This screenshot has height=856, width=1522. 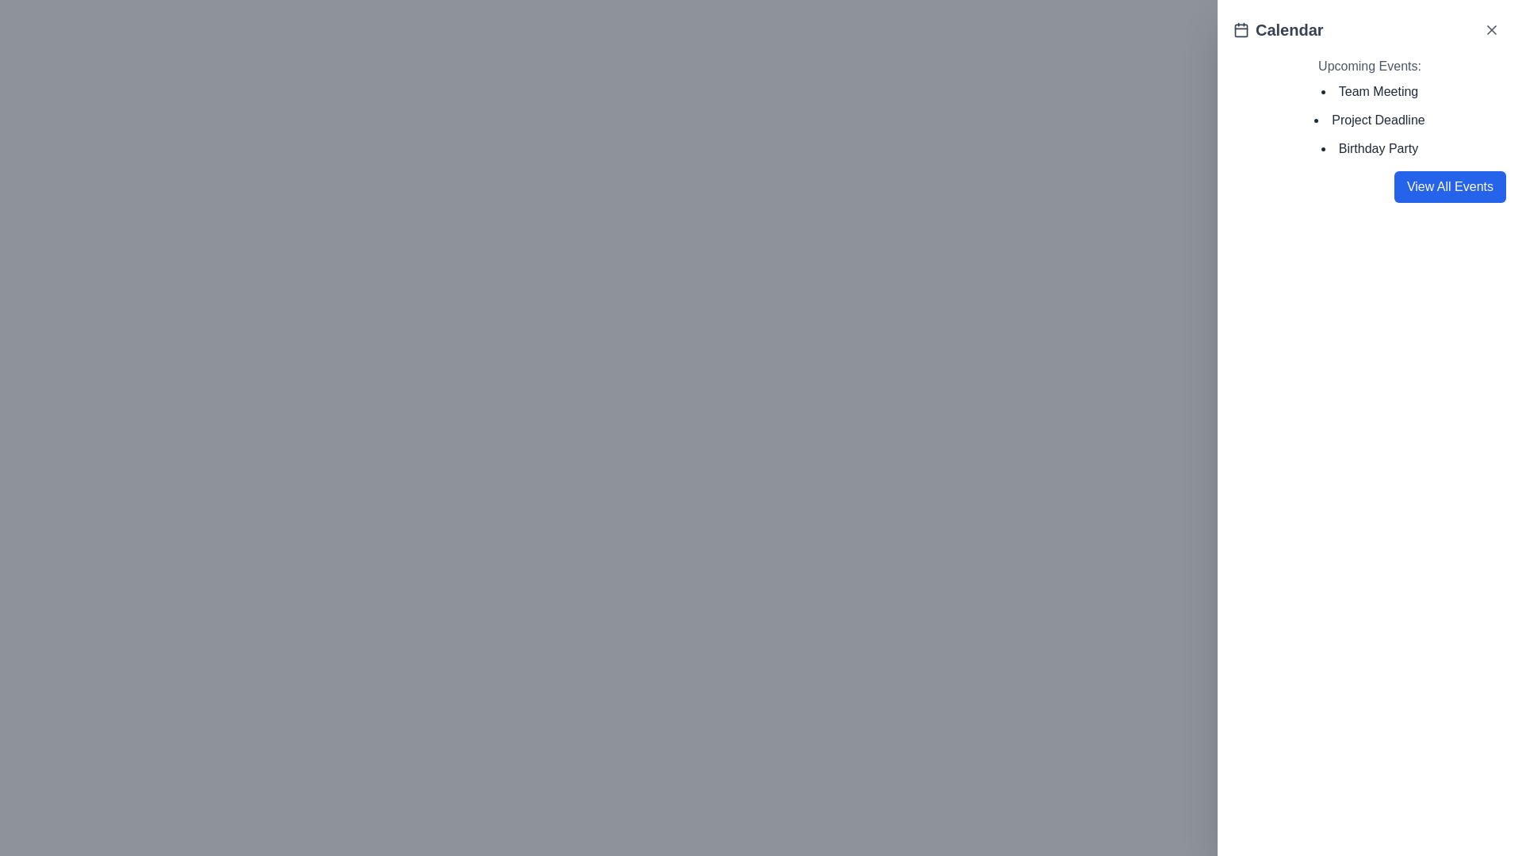 What do you see at coordinates (1369, 66) in the screenshot?
I see `heading 'Upcoming Events:' displayed in bold at the top of the event list section, located in the upper-right part of the interface` at bounding box center [1369, 66].